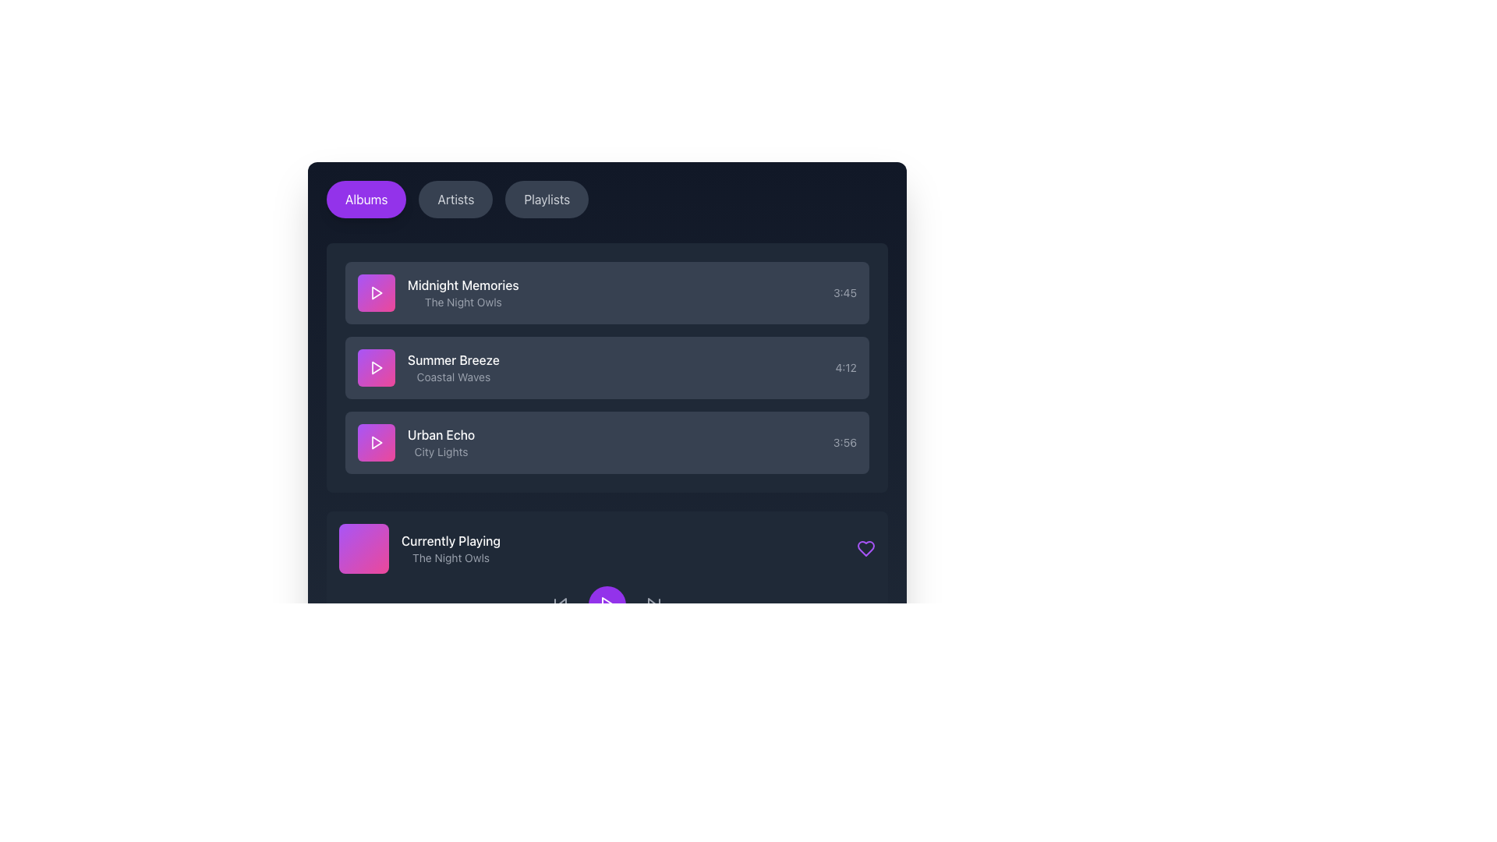 This screenshot has width=1497, height=842. What do you see at coordinates (377, 367) in the screenshot?
I see `the play button for the song 'Summer Breeze' located to the left of the text in the Albums tab` at bounding box center [377, 367].